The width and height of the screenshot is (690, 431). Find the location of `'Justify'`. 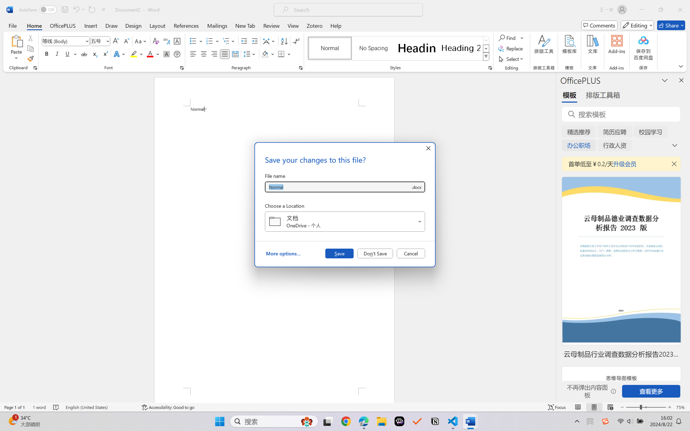

'Justify' is located at coordinates (224, 54).